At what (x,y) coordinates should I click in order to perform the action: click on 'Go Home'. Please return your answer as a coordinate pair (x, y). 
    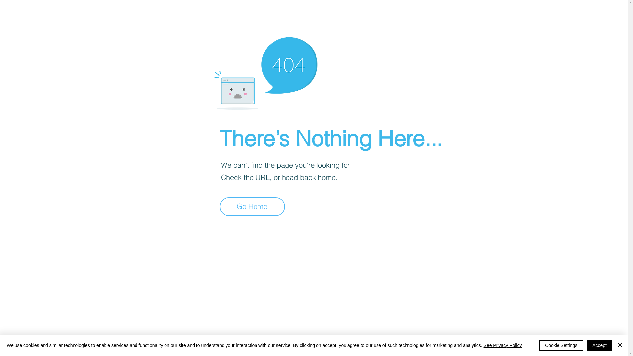
    Looking at the image, I should click on (252, 206).